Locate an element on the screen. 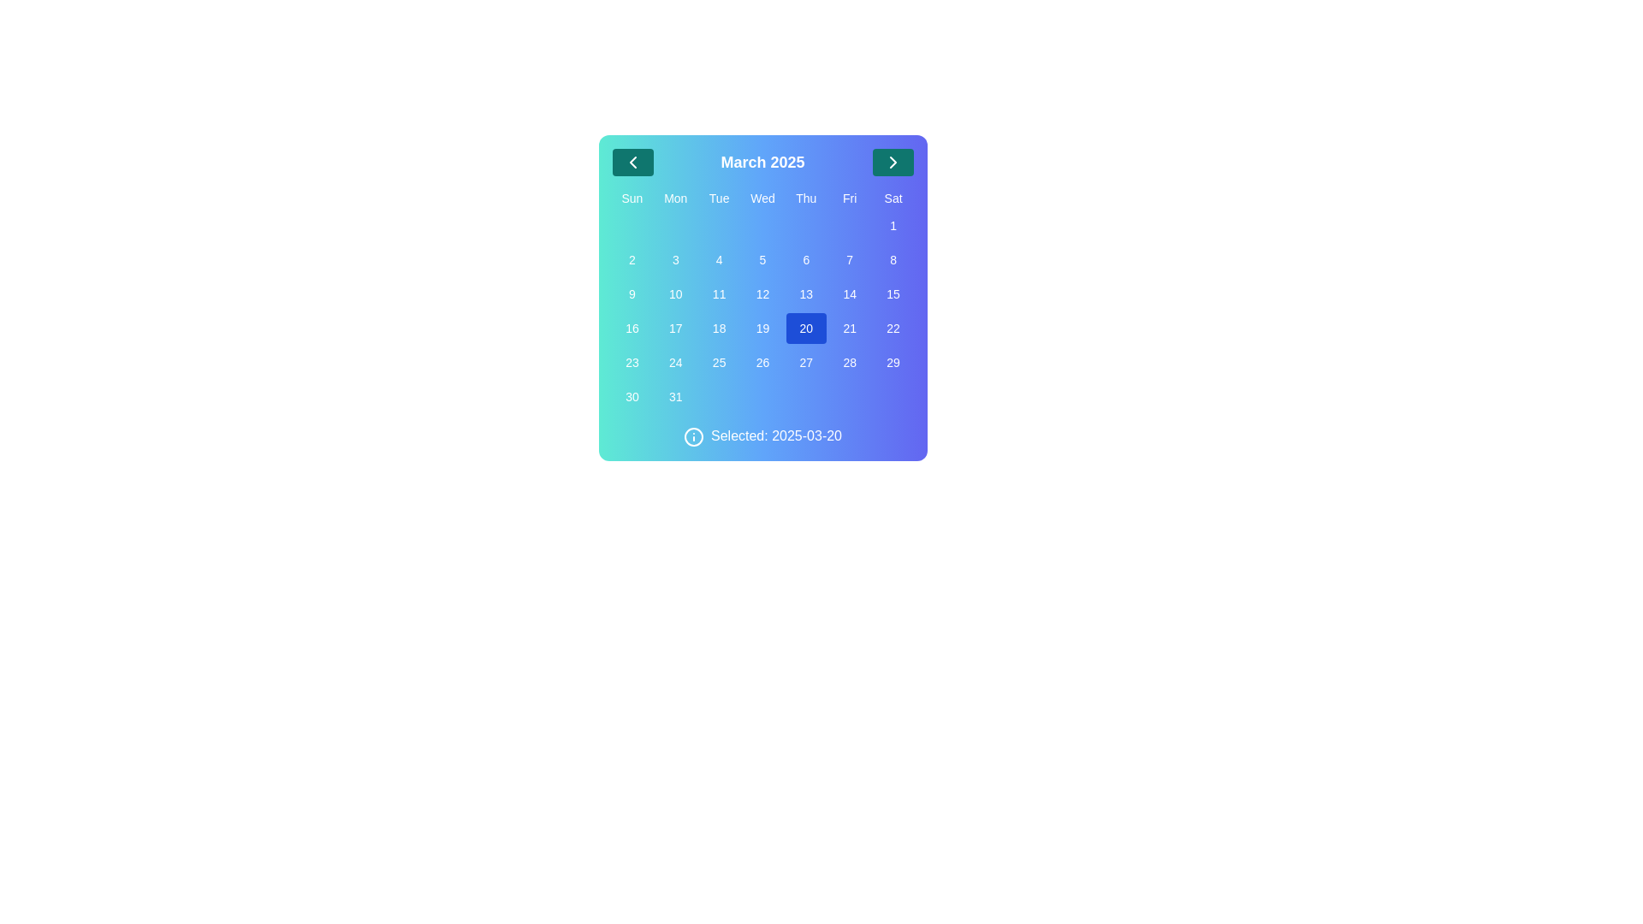 The height and width of the screenshot is (924, 1643). a specific day in the Calendar widget located beneath the main heading 'March 2025' is located at coordinates (762, 297).